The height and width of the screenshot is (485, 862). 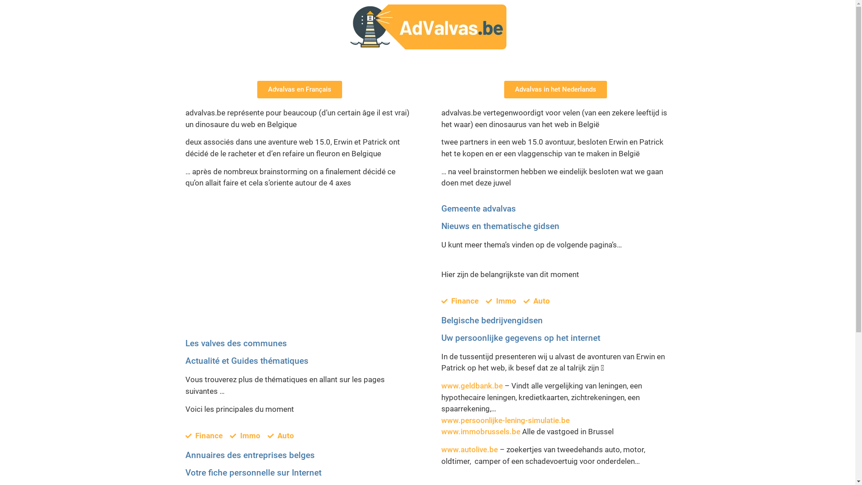 What do you see at coordinates (299, 271) in the screenshot?
I see `'Advertisement'` at bounding box center [299, 271].